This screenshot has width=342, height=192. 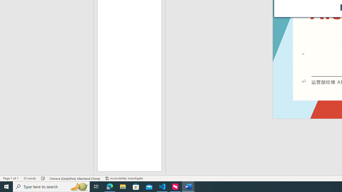 What do you see at coordinates (124, 178) in the screenshot?
I see `'Accessibility Checker Accessibility: Investigate'` at bounding box center [124, 178].